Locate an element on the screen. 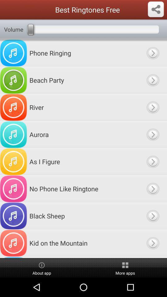  next option is located at coordinates (152, 188).